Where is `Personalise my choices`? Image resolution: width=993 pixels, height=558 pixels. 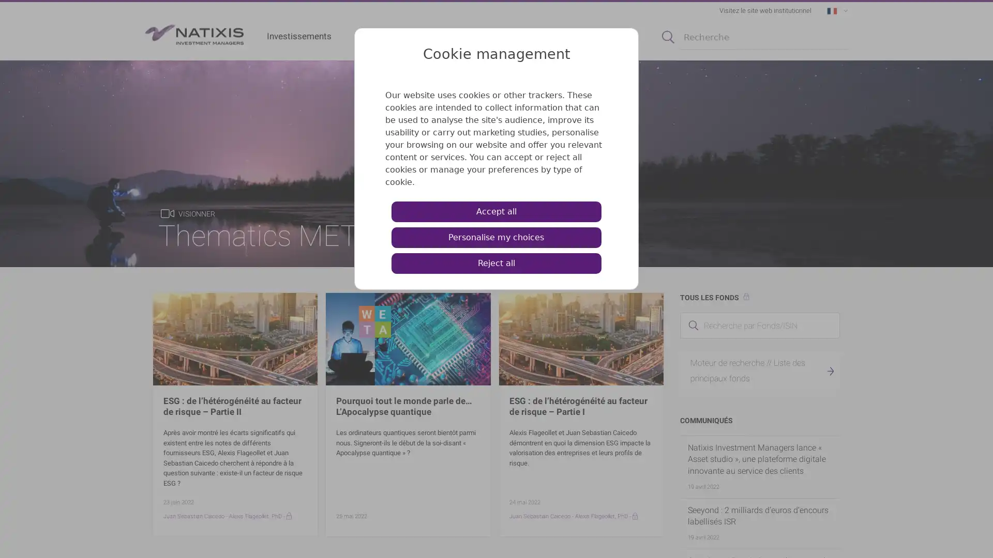 Personalise my choices is located at coordinates (495, 237).